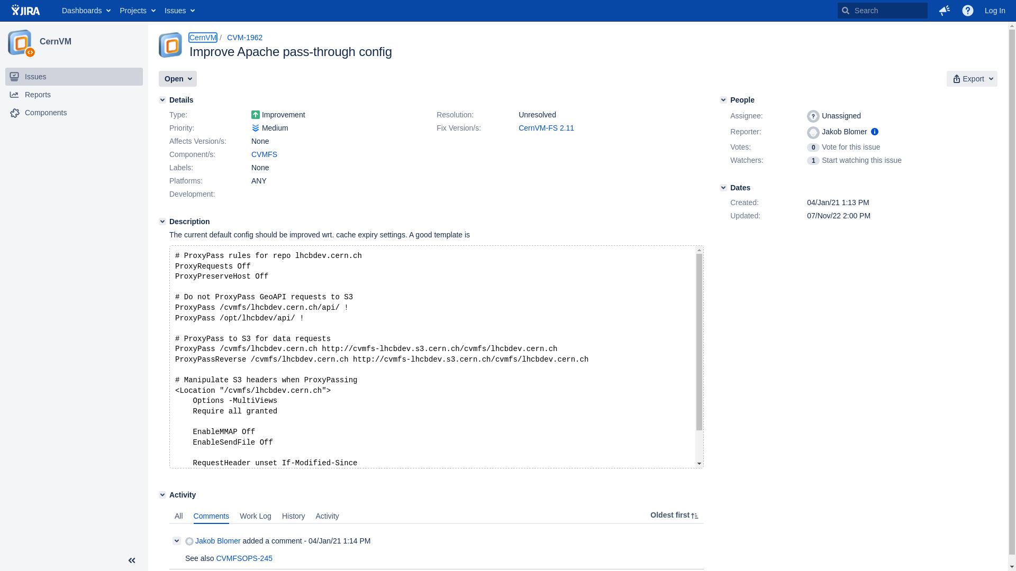 This screenshot has height=571, width=1016. What do you see at coordinates (947, 78) in the screenshot?
I see `'Export'` at bounding box center [947, 78].